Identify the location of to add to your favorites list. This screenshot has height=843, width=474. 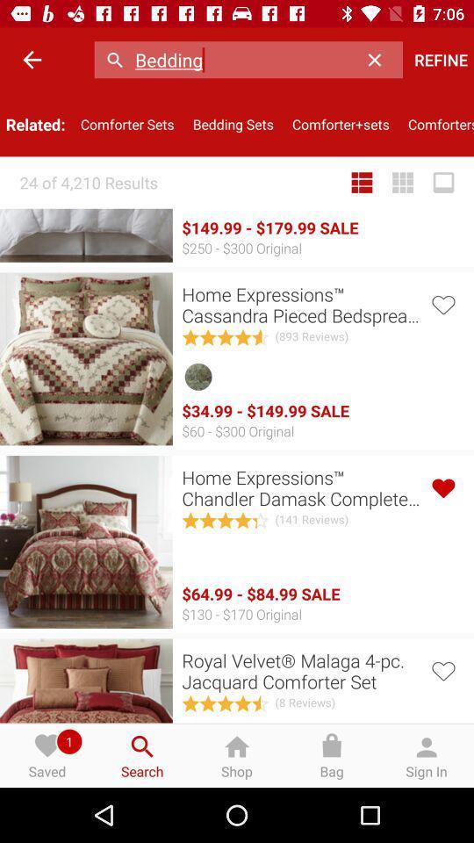
(442, 303).